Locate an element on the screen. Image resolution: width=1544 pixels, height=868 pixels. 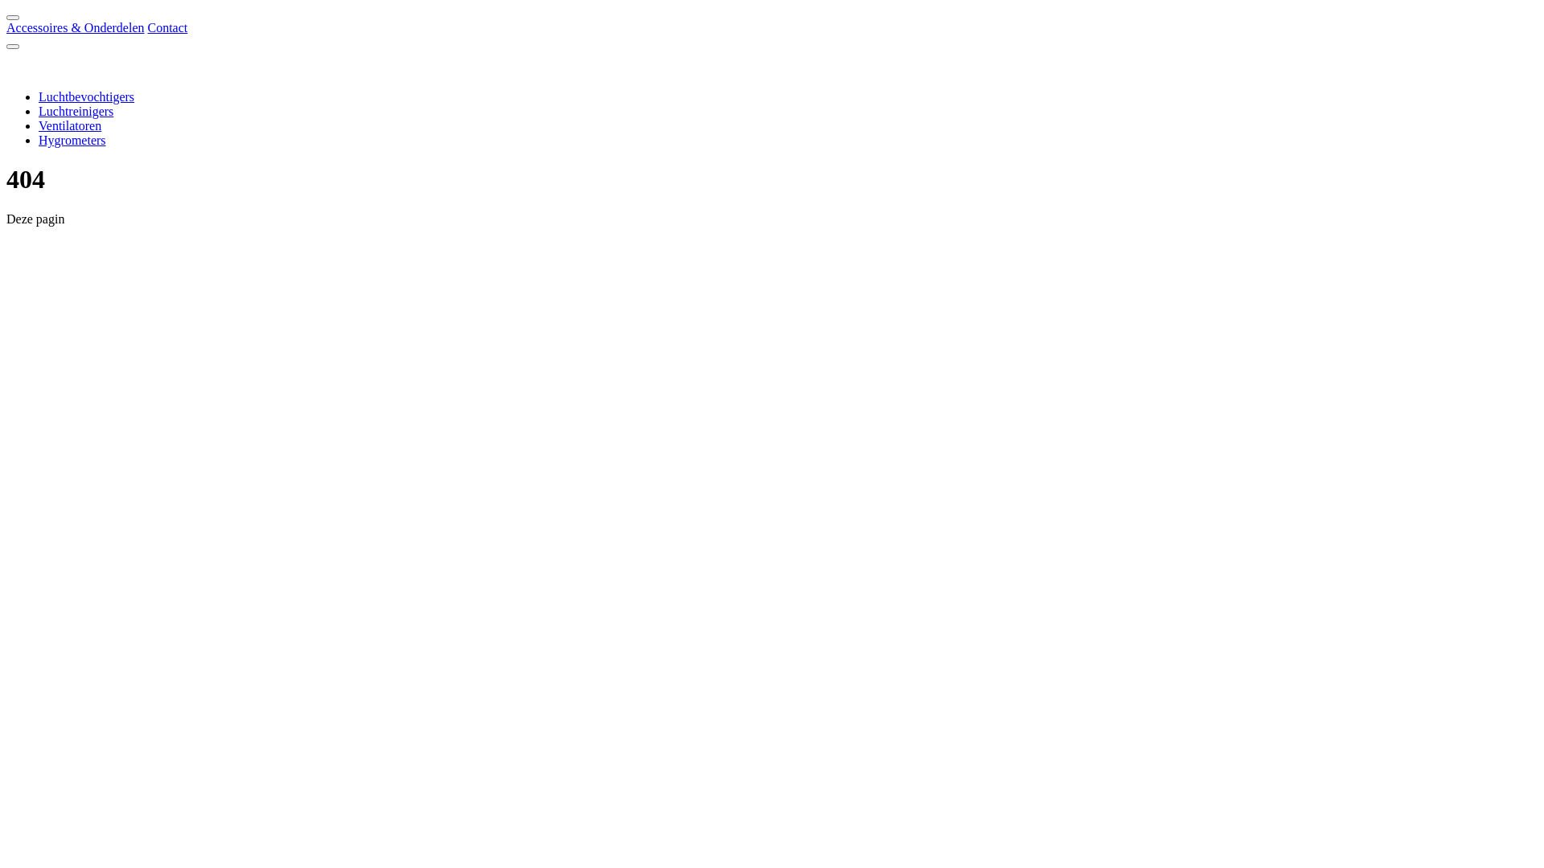
'Hygrometers' is located at coordinates (72, 139).